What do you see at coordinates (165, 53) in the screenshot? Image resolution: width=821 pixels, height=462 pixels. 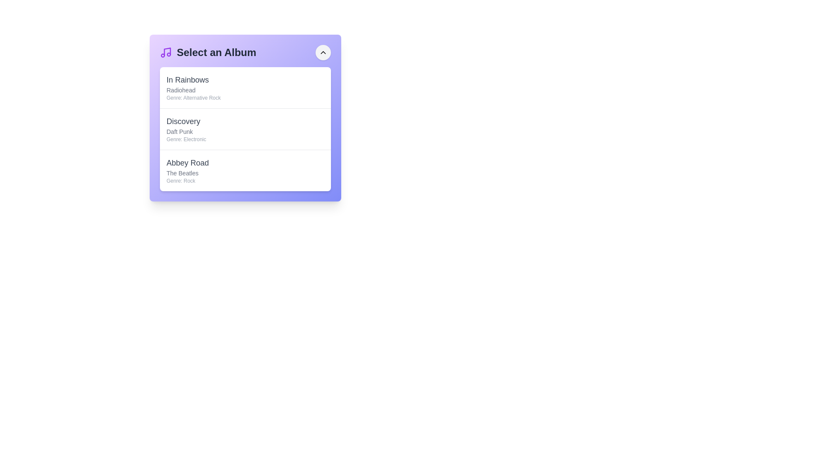 I see `the purple musical notes icon located to the left of the 'Select an Album' text in the header section` at bounding box center [165, 53].